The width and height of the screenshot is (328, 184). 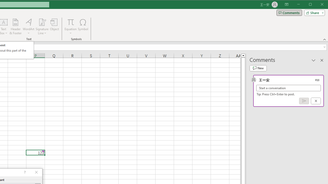 What do you see at coordinates (315, 101) in the screenshot?
I see `'Cancel'` at bounding box center [315, 101].